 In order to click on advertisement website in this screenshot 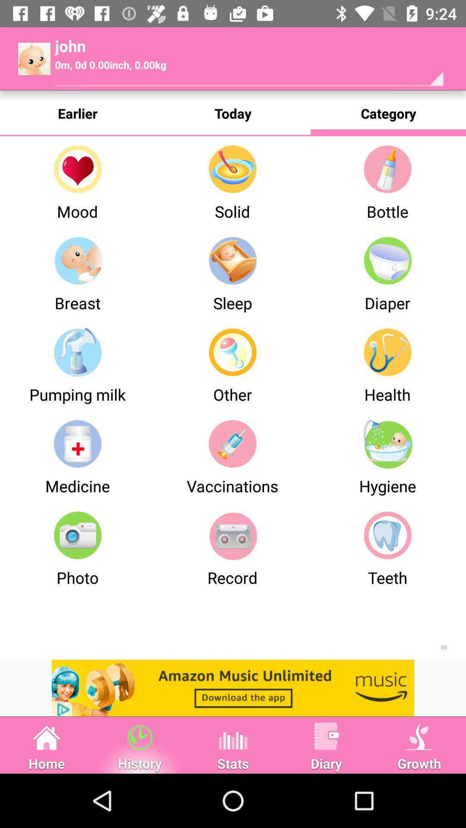, I will do `click(233, 687)`.